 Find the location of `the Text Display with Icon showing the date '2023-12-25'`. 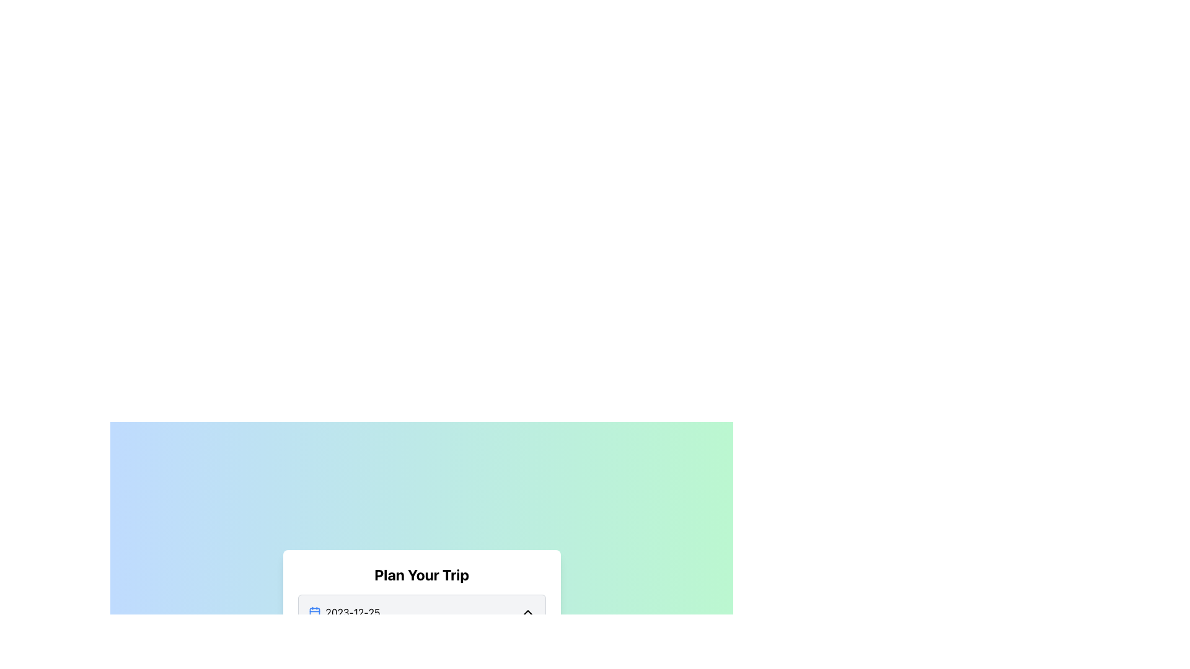

the Text Display with Icon showing the date '2023-12-25' is located at coordinates (344, 611).